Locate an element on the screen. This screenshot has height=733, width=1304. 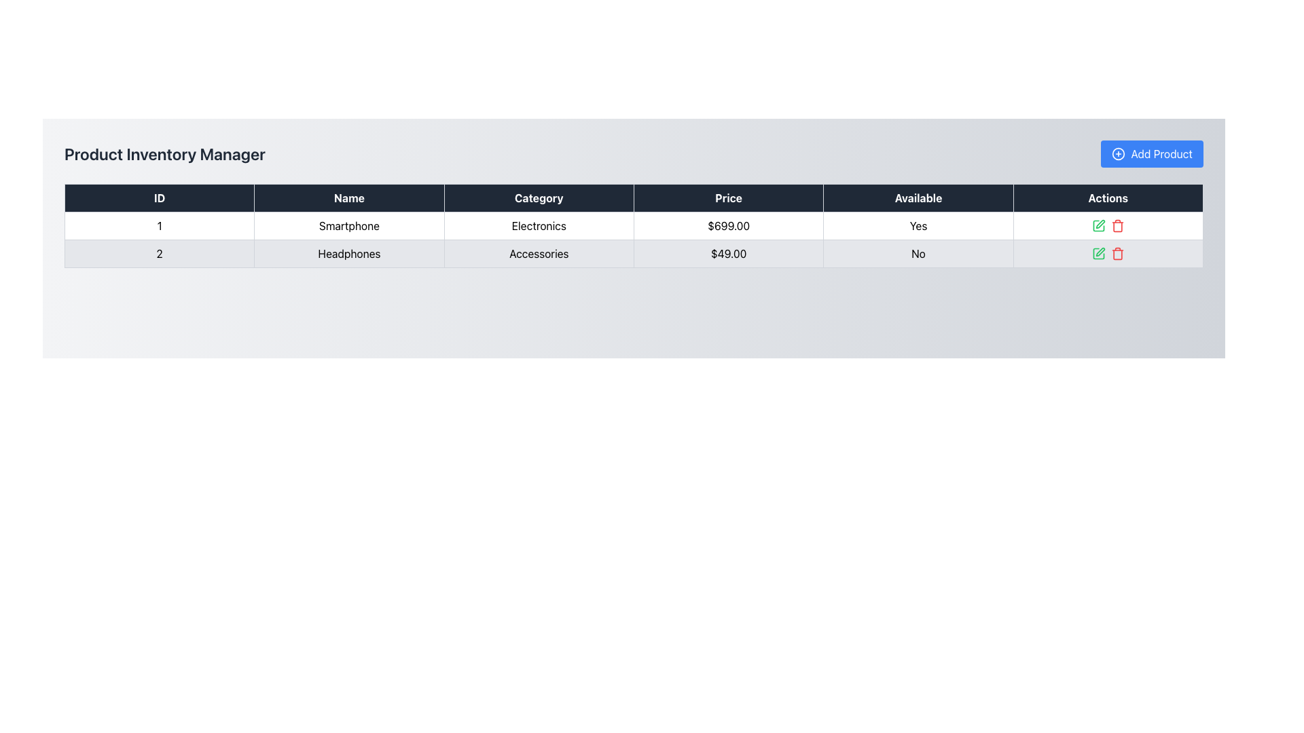
the interactive buttons/icons in the 'Actions' column of the second row for the product 'Headphones' is located at coordinates (1108, 254).